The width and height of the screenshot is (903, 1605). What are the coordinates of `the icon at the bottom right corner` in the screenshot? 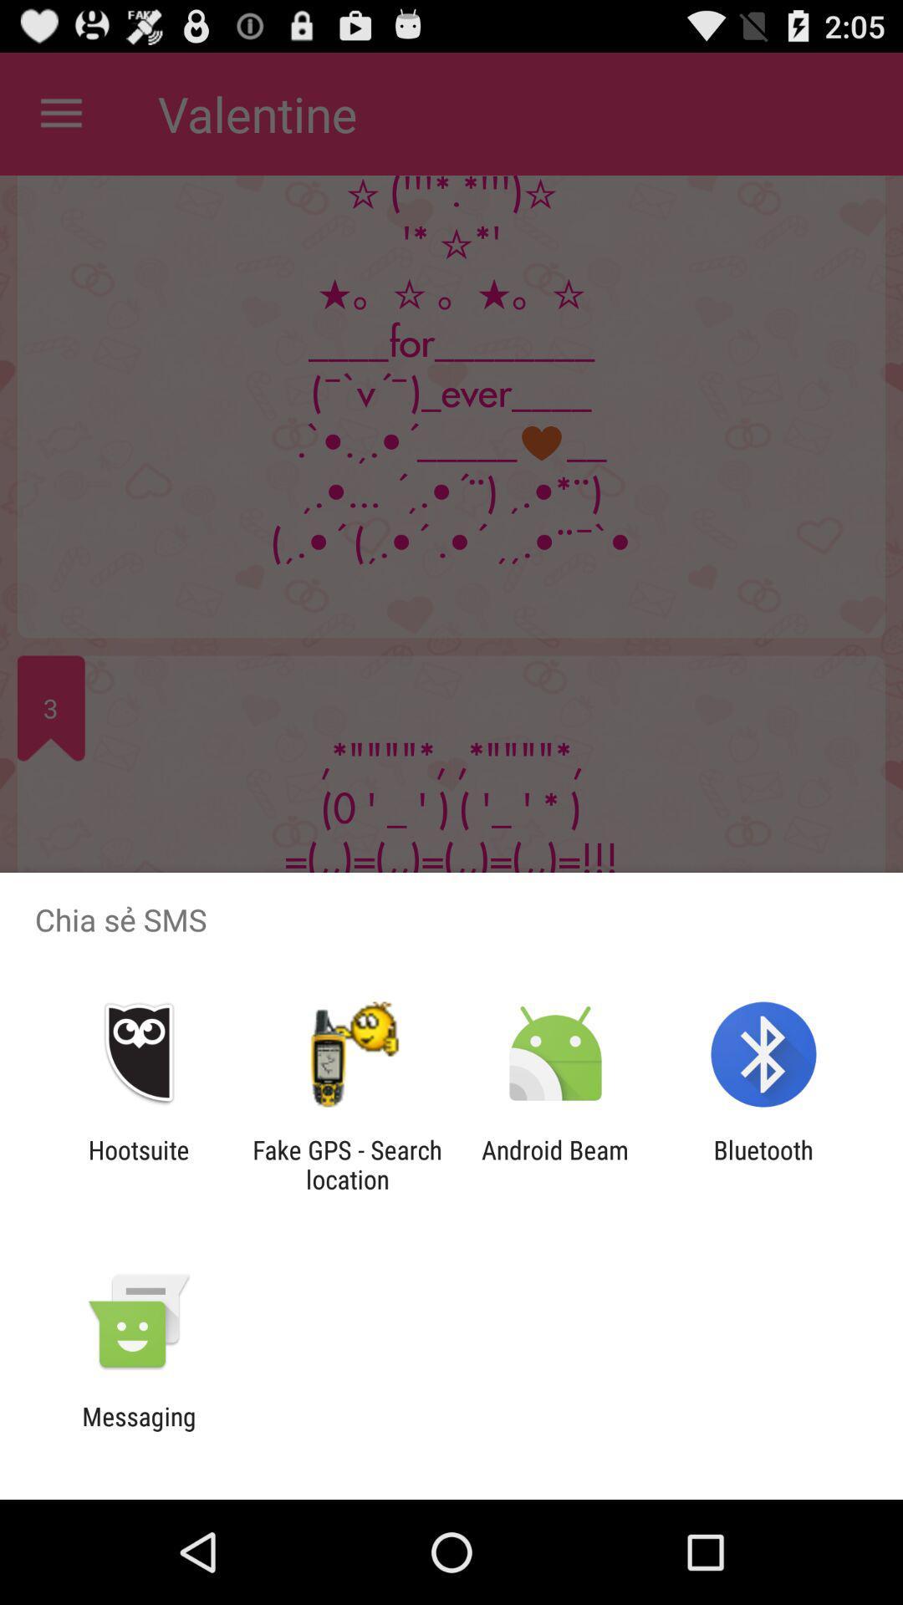 It's located at (763, 1164).